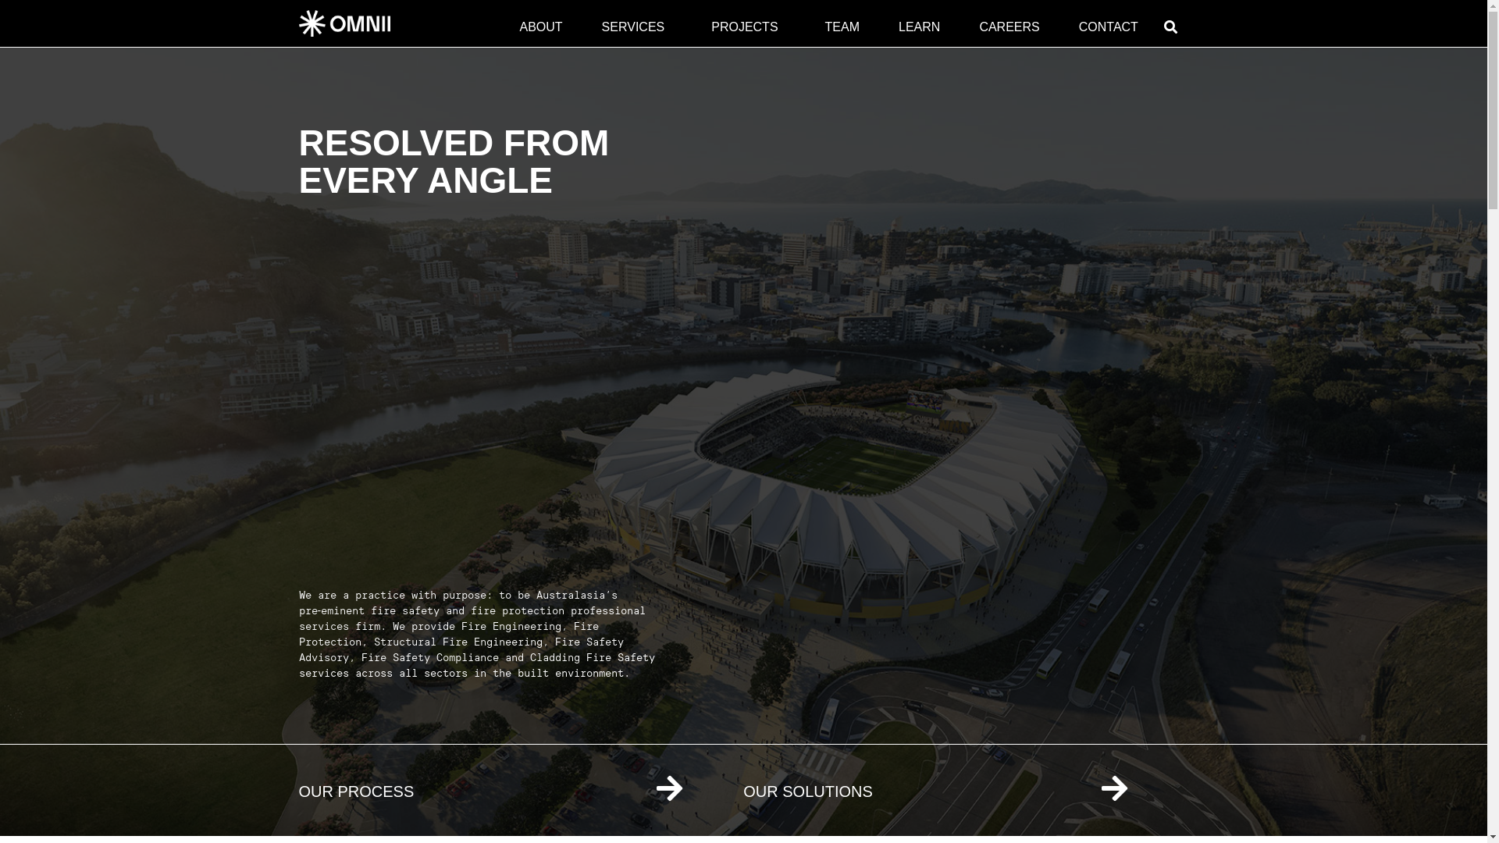 The width and height of the screenshot is (1499, 843). I want to click on 'ABOUT', so click(540, 27).